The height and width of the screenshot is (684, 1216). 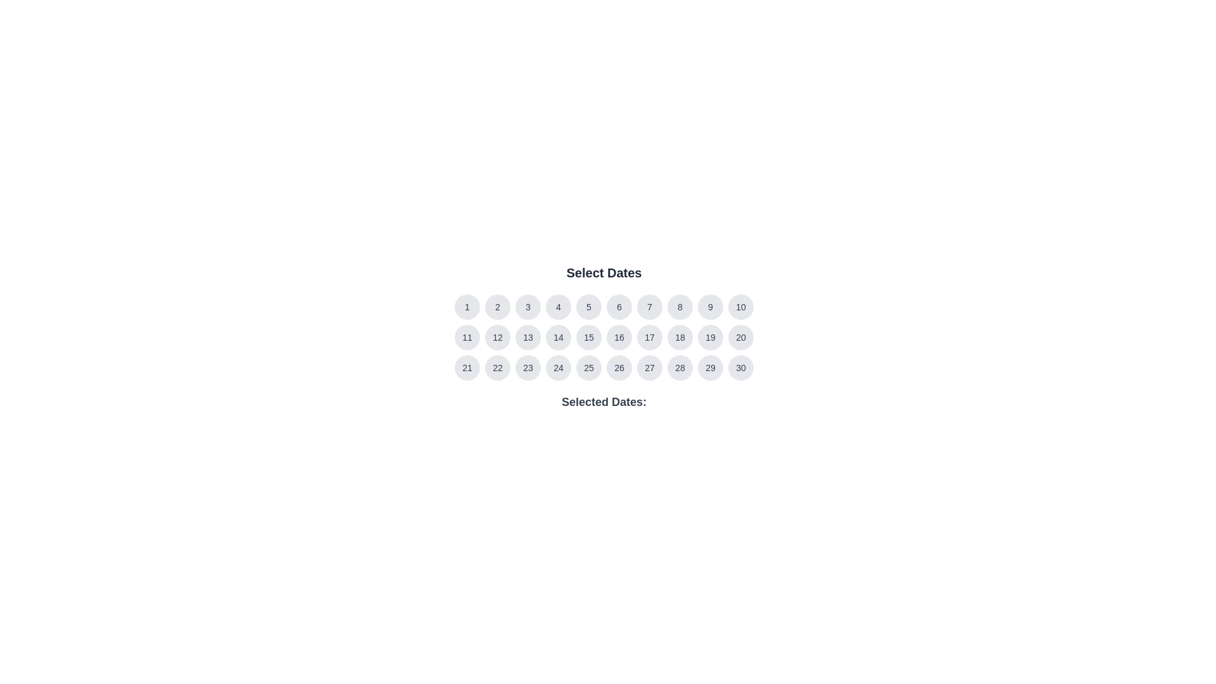 I want to click on the circular button with a gray background displaying the number '20', so click(x=741, y=336).